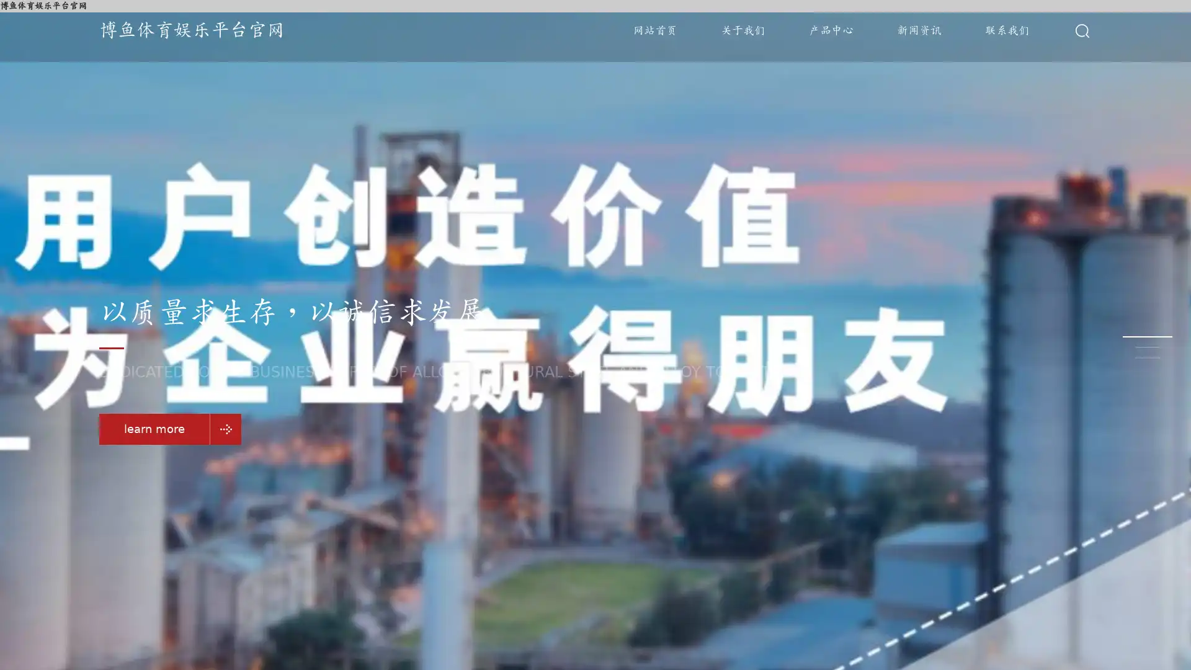 Image resolution: width=1191 pixels, height=670 pixels. What do you see at coordinates (1146, 358) in the screenshot?
I see `Go to slide 3` at bounding box center [1146, 358].